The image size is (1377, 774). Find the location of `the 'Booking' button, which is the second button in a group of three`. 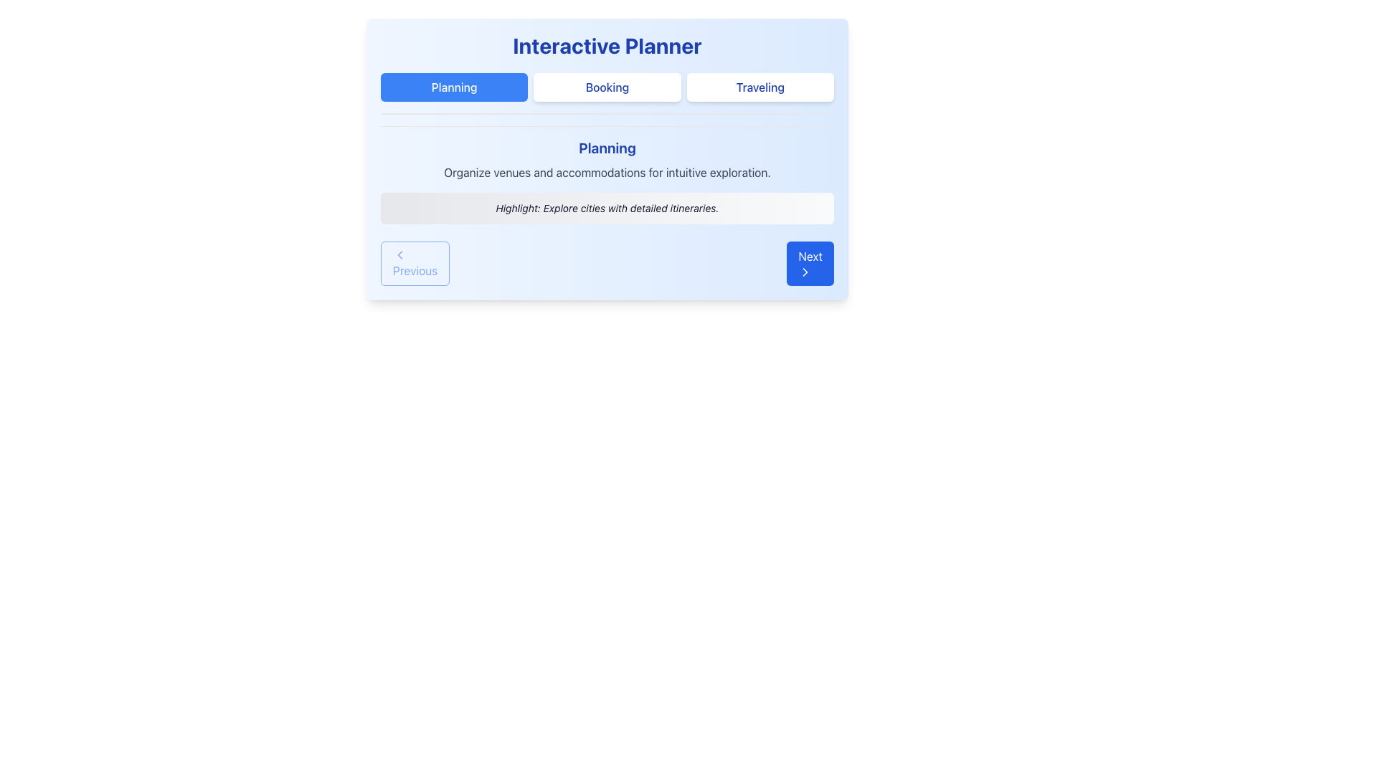

the 'Booking' button, which is the second button in a group of three is located at coordinates (607, 87).